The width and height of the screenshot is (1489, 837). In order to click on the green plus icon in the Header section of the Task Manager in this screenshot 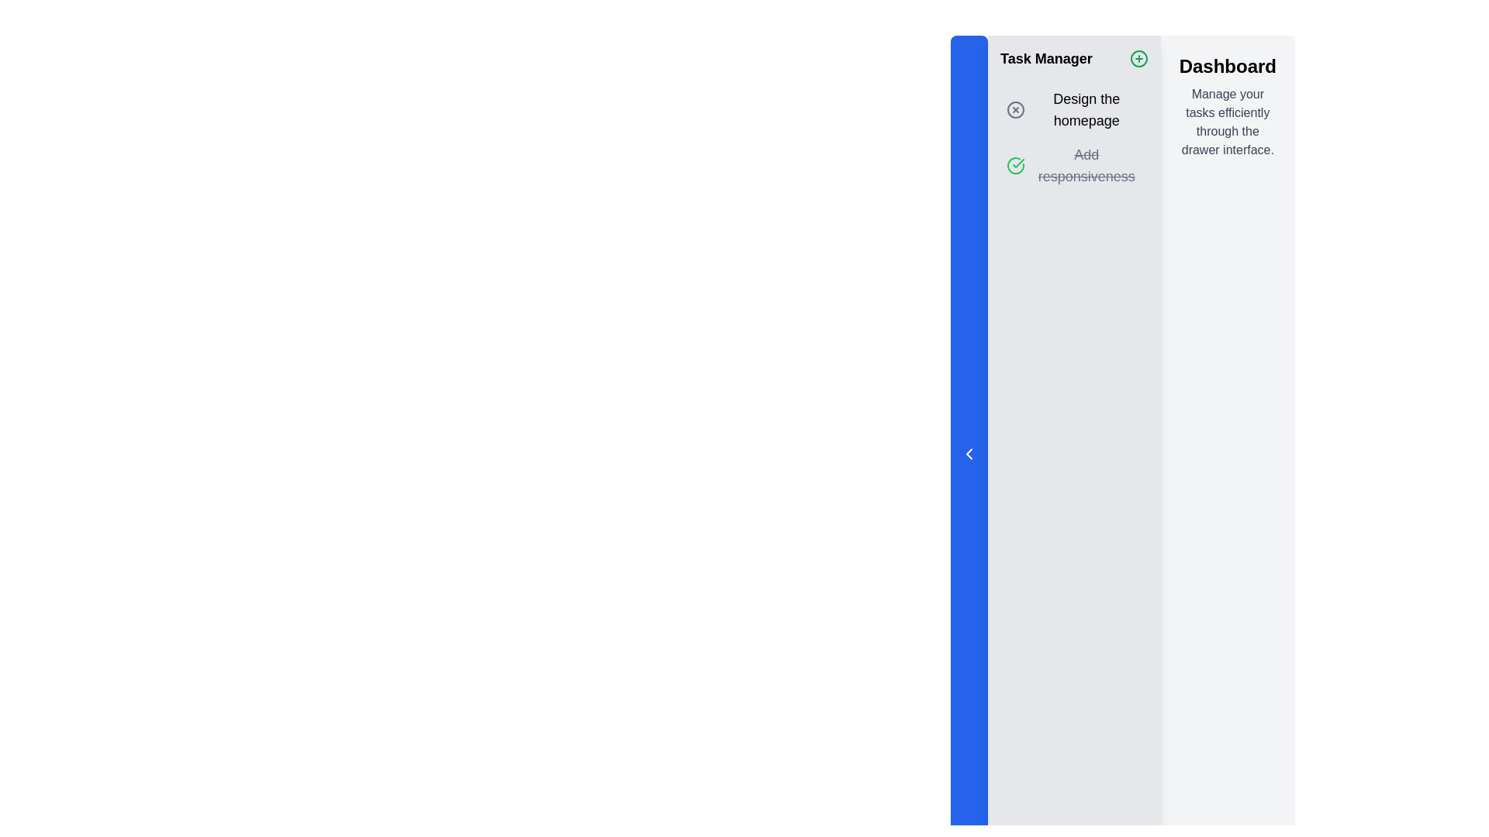, I will do `click(1073, 58)`.